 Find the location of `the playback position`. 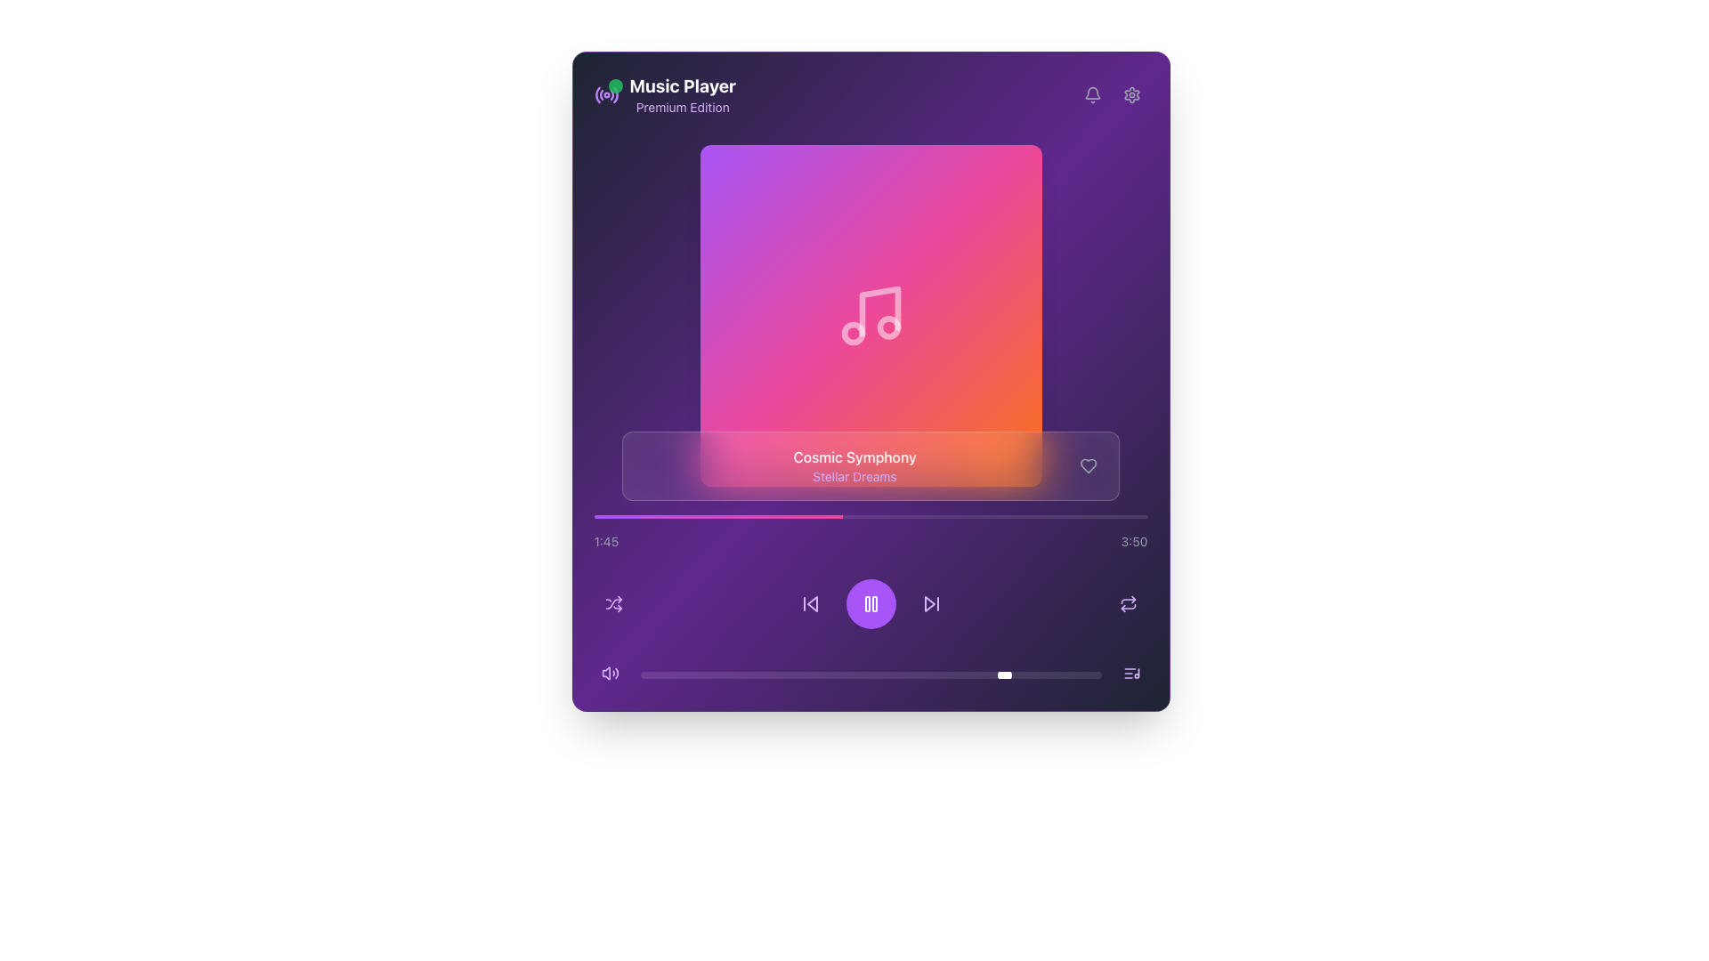

the playback position is located at coordinates (782, 517).